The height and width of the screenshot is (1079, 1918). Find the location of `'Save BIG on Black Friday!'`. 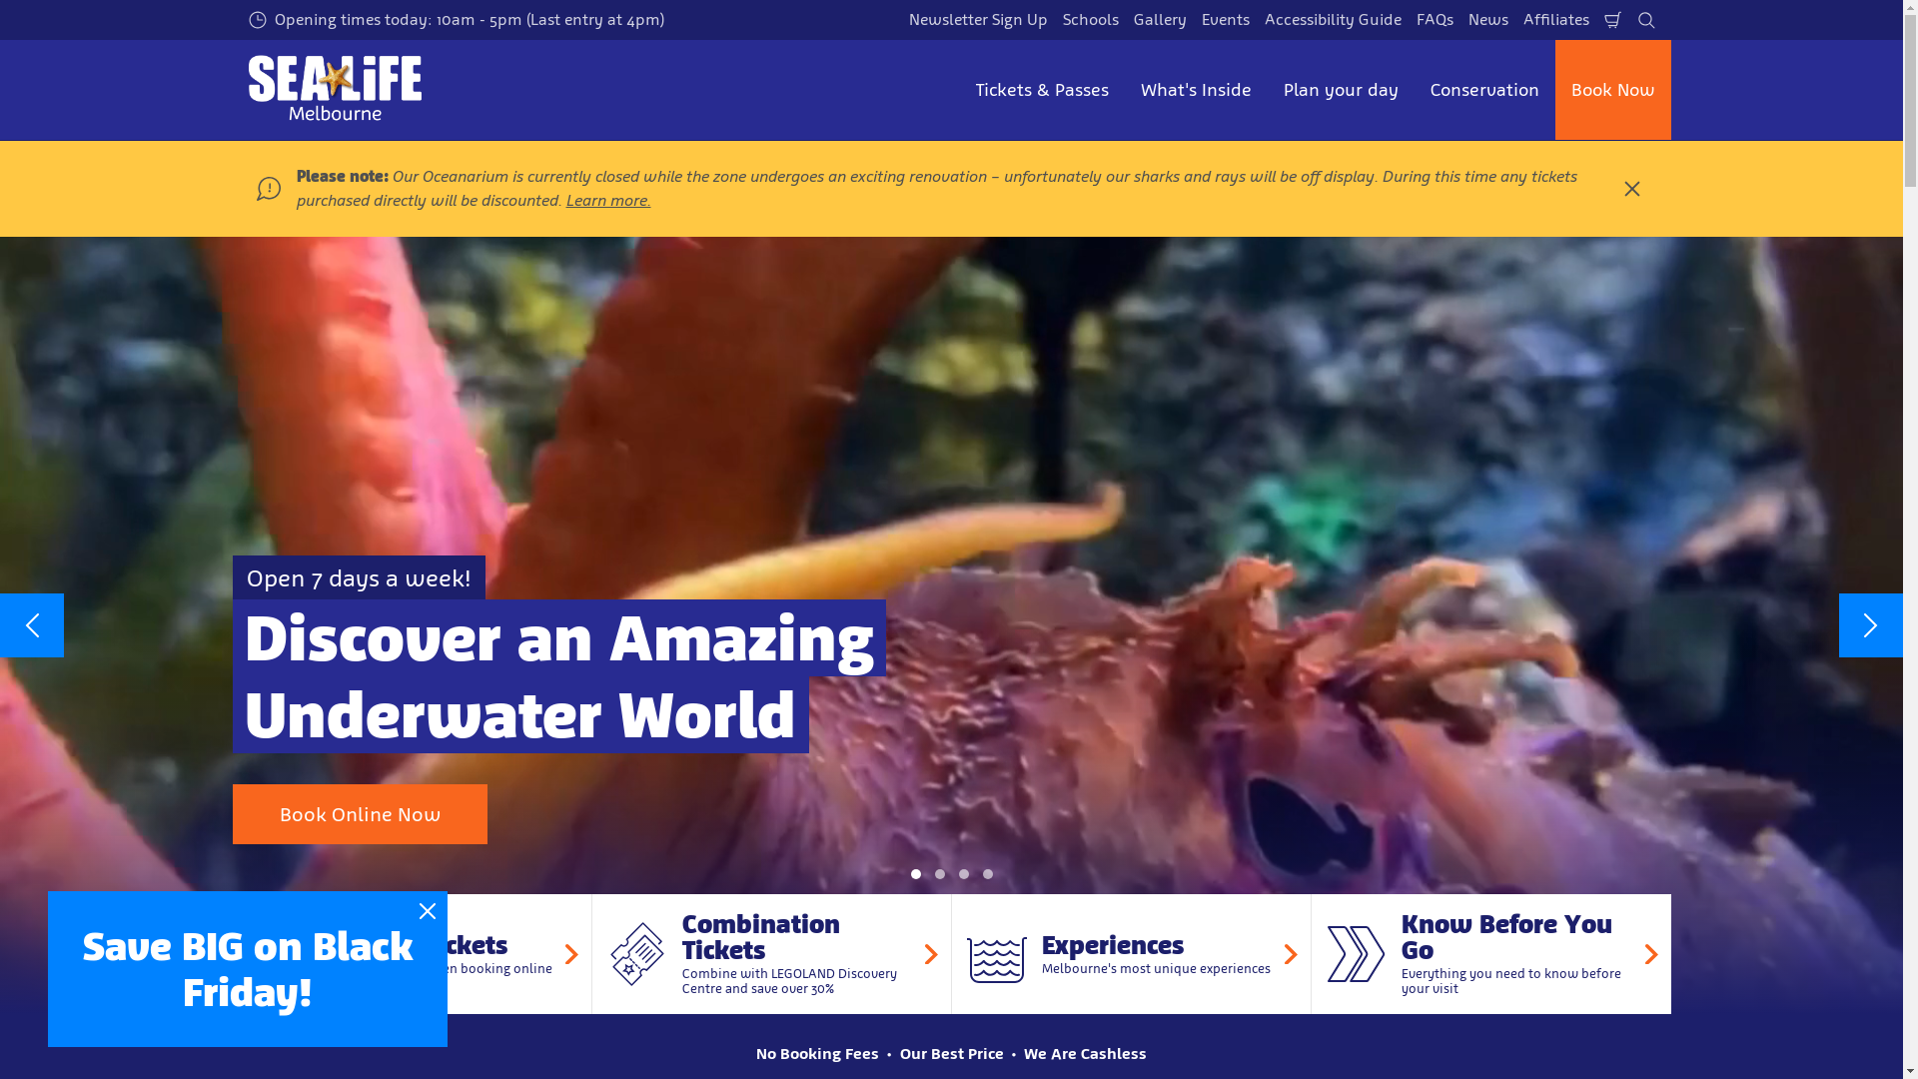

'Save BIG on Black Friday!' is located at coordinates (247, 967).